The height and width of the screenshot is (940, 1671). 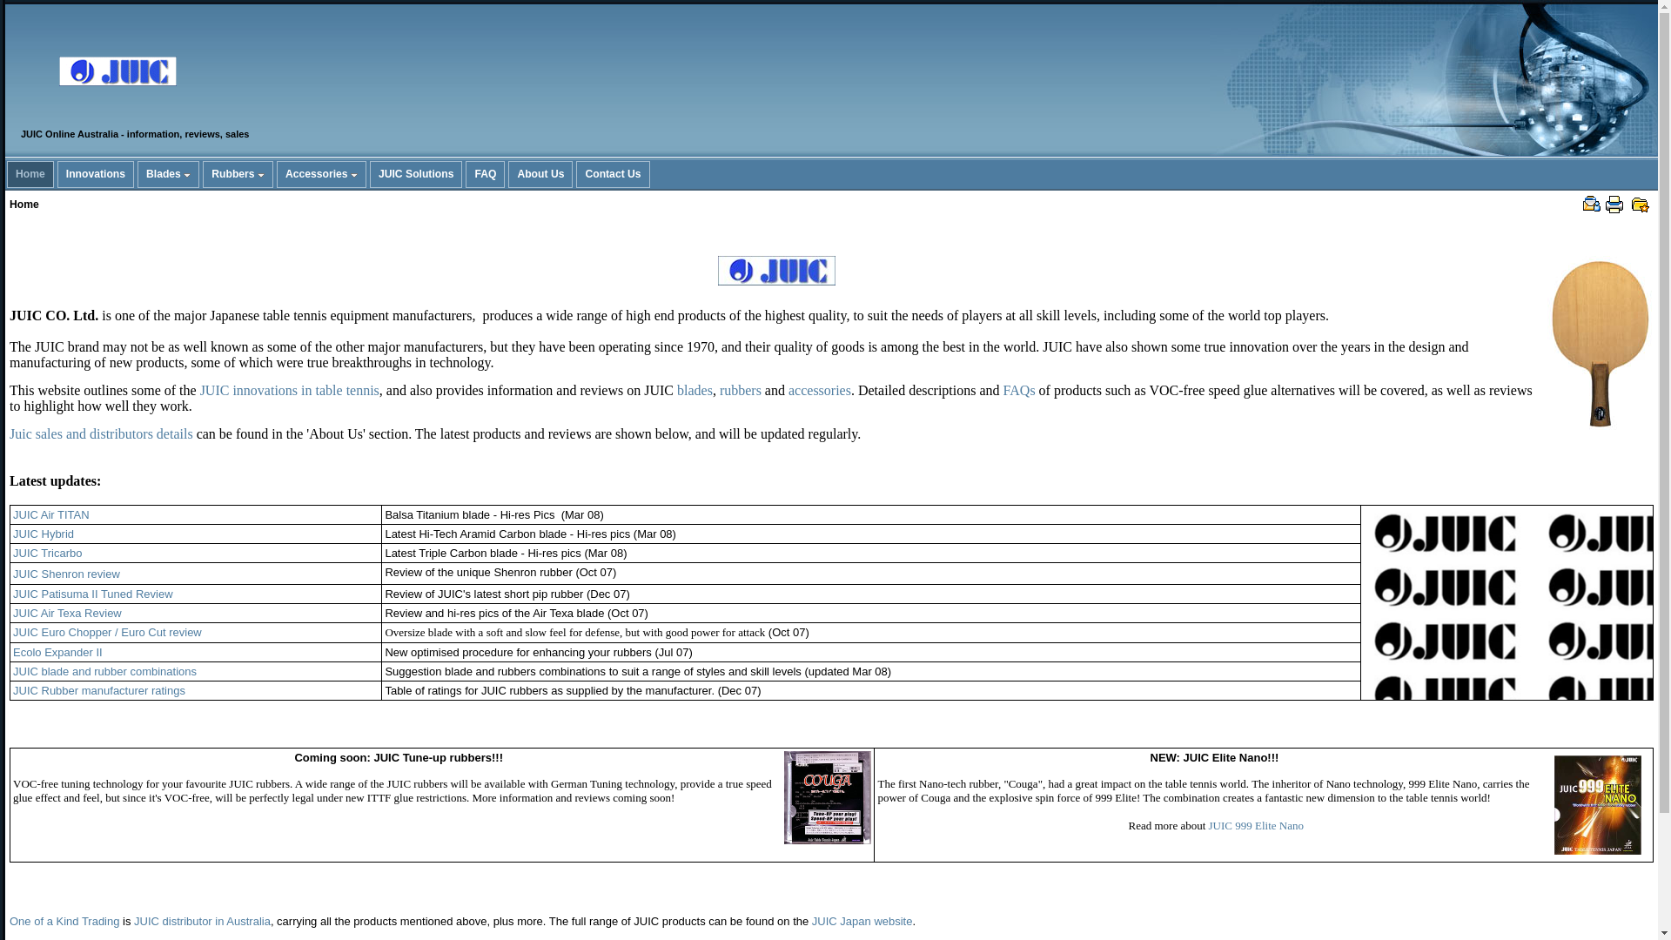 I want to click on 'Innovations', so click(x=58, y=174).